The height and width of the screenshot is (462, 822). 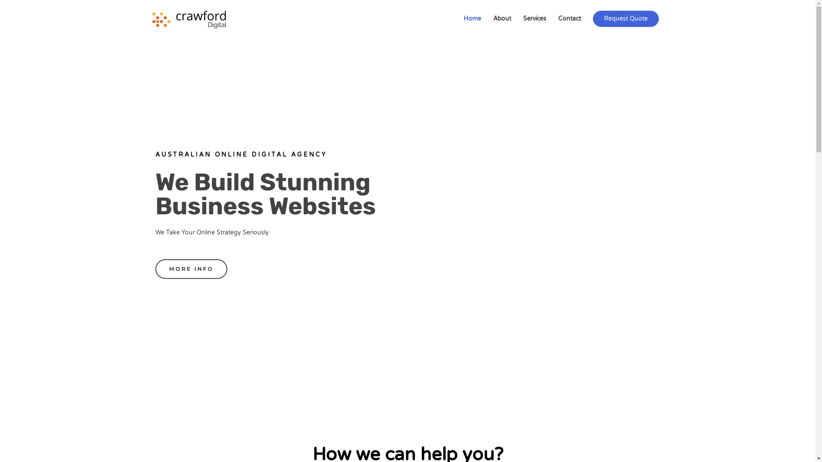 I want to click on 'Services', so click(x=534, y=18).